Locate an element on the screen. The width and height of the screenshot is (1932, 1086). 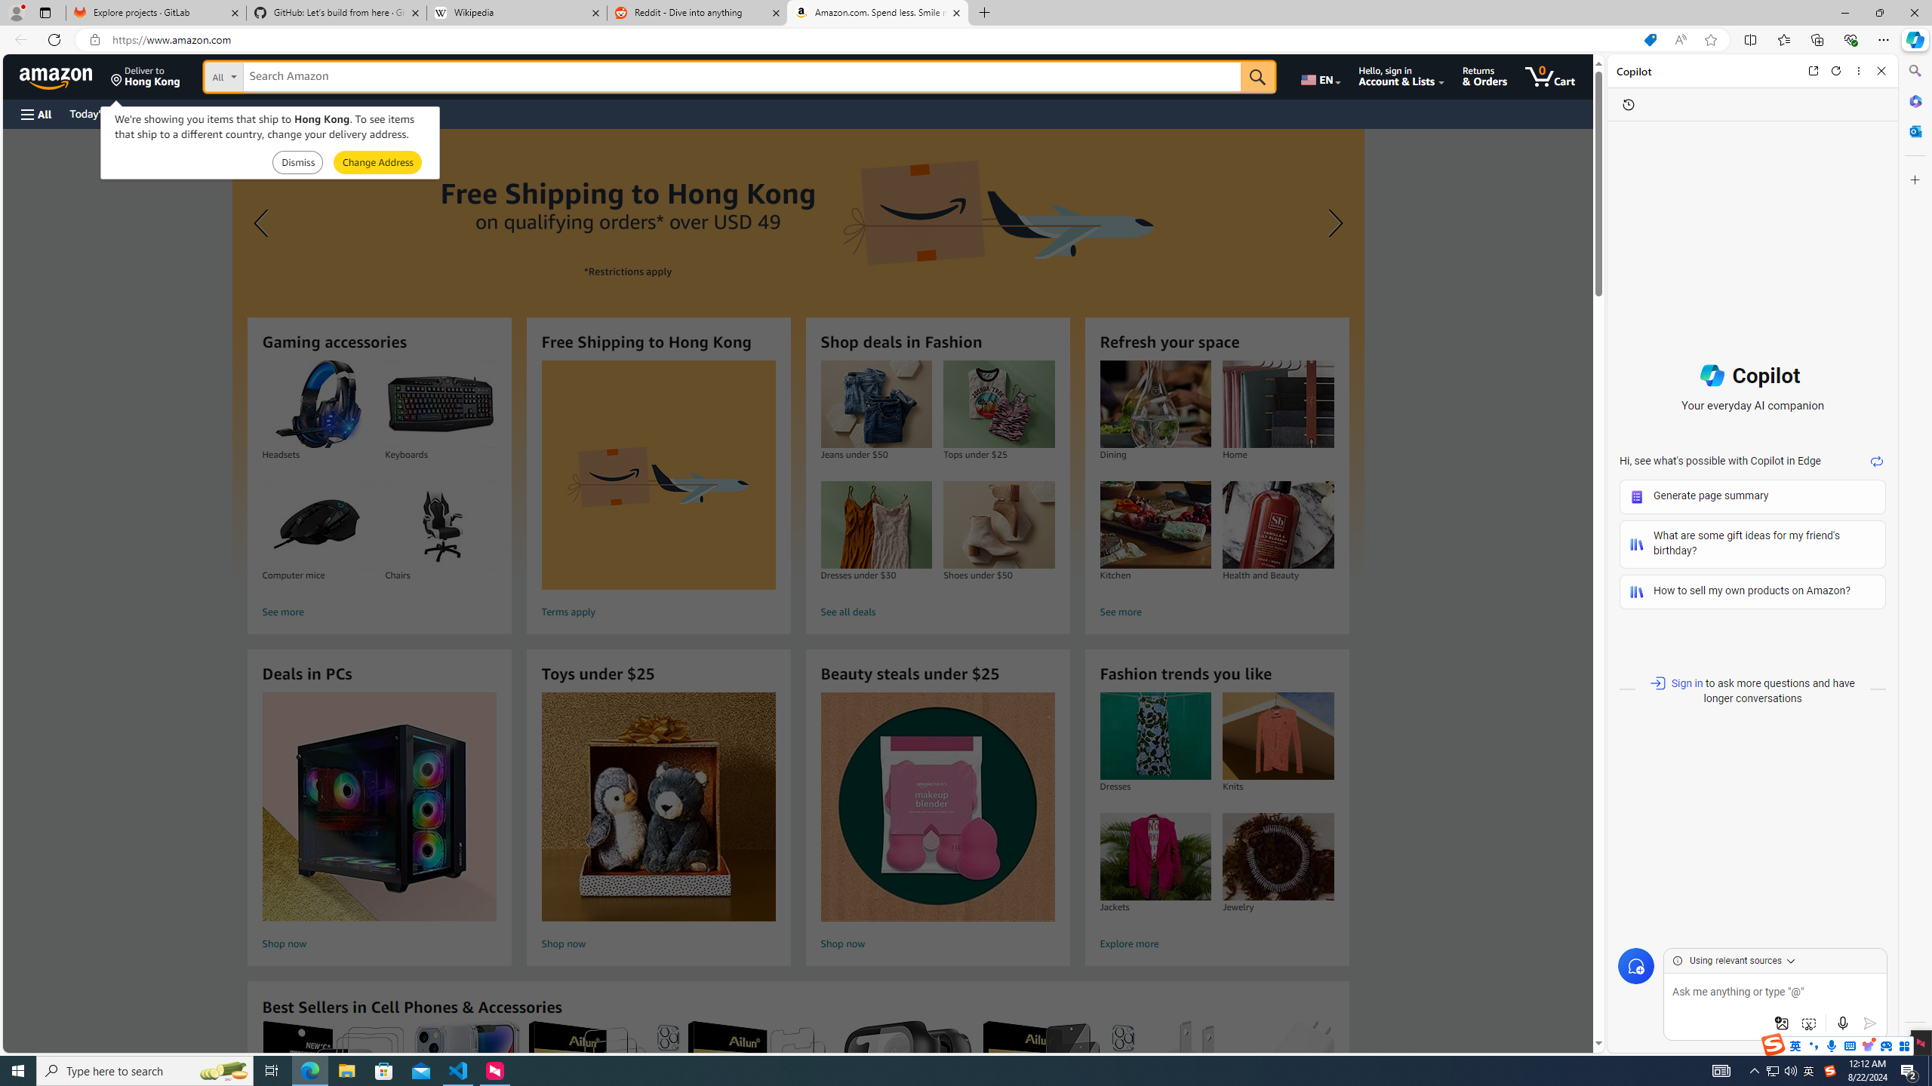
'Choose a language for shopping.' is located at coordinates (1319, 75).